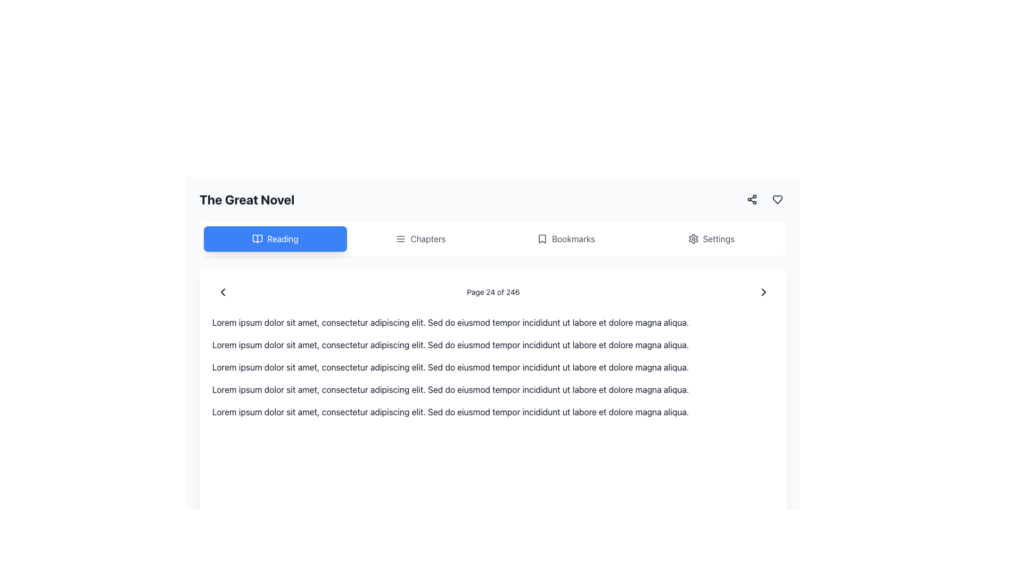 This screenshot has width=1022, height=575. Describe the element at coordinates (693, 238) in the screenshot. I see `the gear icon button located at the top right corner of the interface` at that location.